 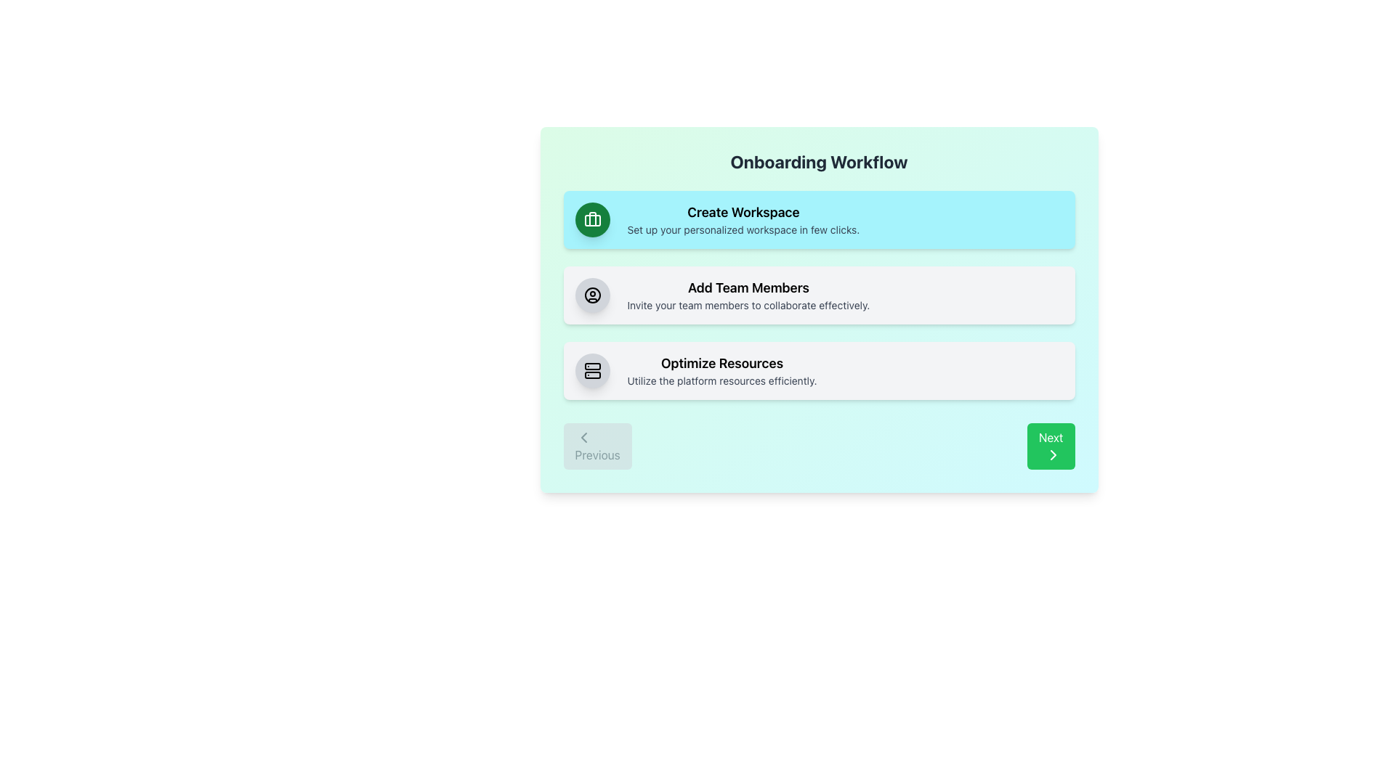 What do you see at coordinates (592, 220) in the screenshot?
I see `the circular button with a dark-green background and a white briefcase icon, located within the 'Create Workspace' section` at bounding box center [592, 220].